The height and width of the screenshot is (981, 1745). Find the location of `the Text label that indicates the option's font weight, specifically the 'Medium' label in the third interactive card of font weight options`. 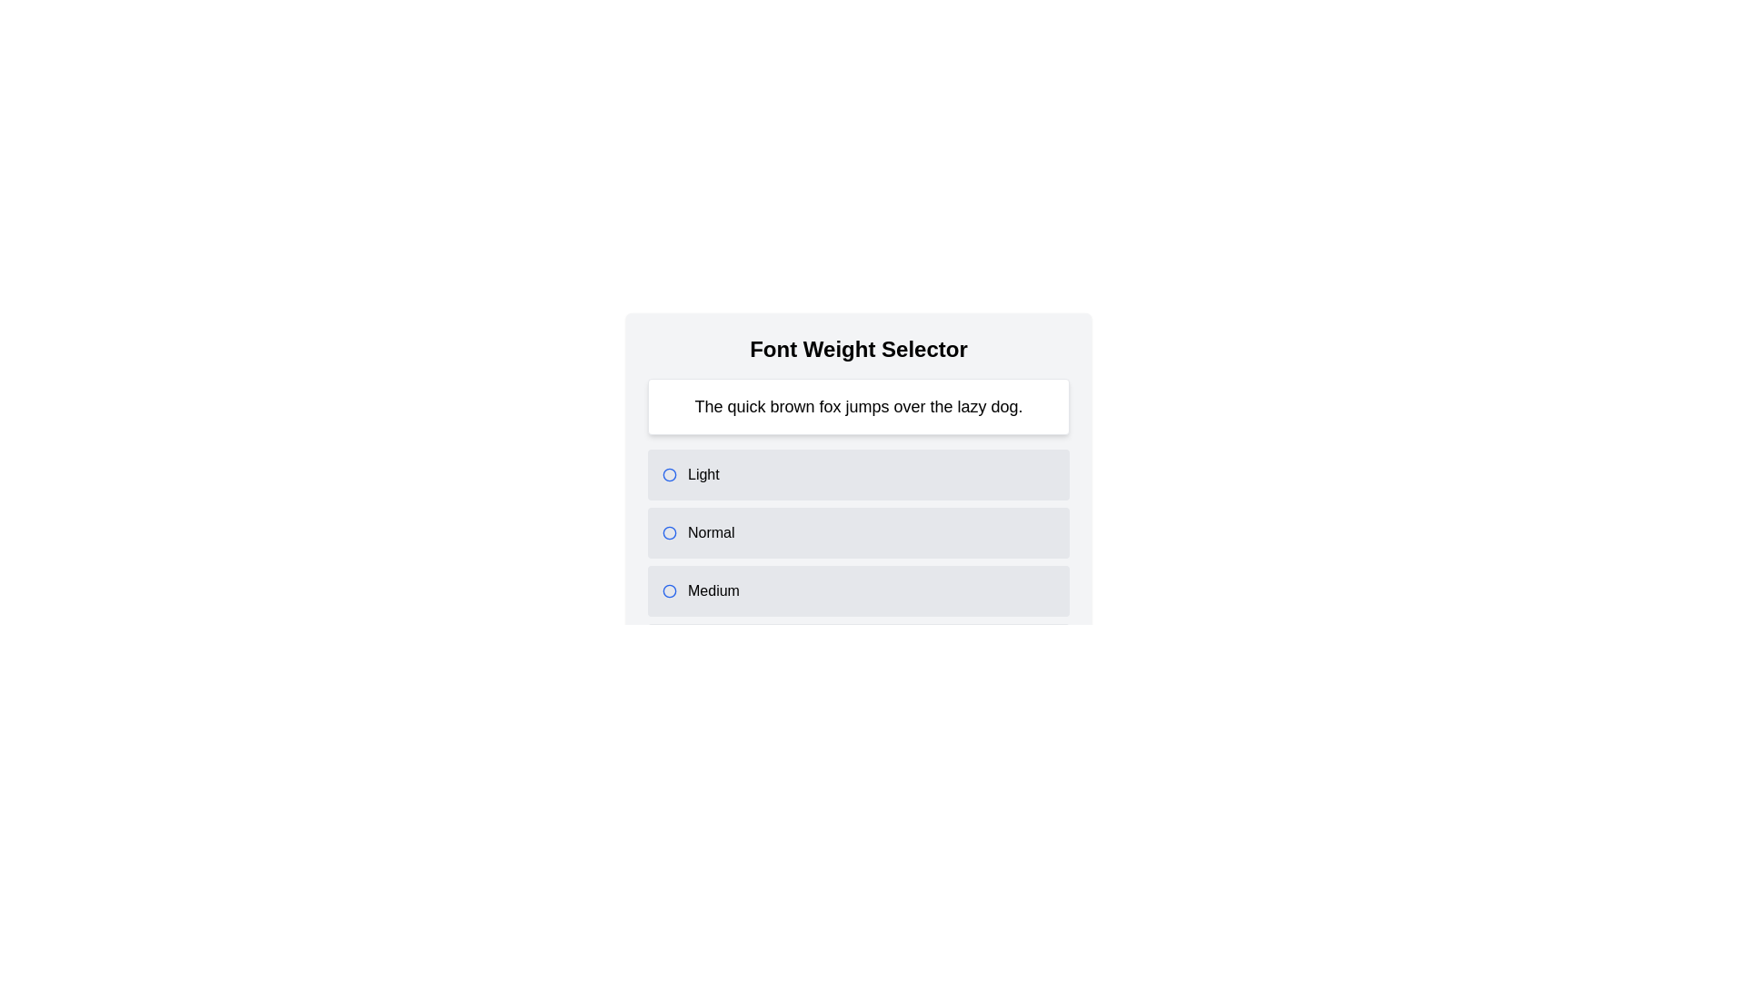

the Text label that indicates the option's font weight, specifically the 'Medium' label in the third interactive card of font weight options is located at coordinates (713, 591).